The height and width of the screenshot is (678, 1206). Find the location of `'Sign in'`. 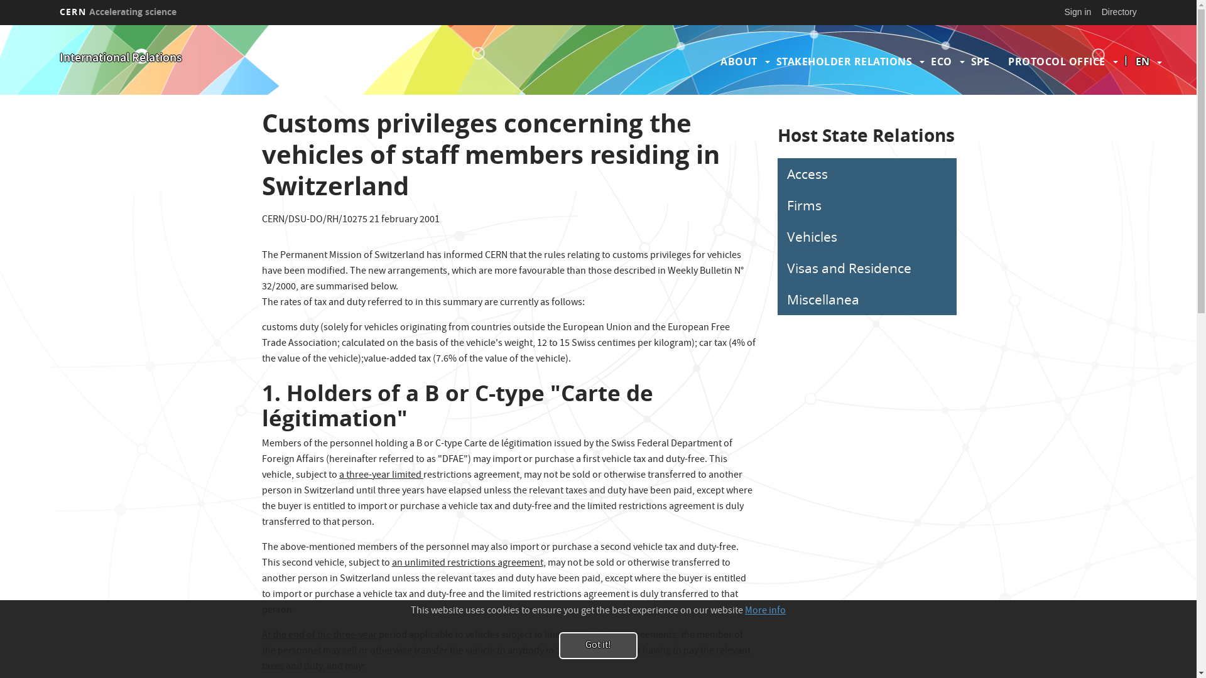

'Sign in' is located at coordinates (1077, 12).